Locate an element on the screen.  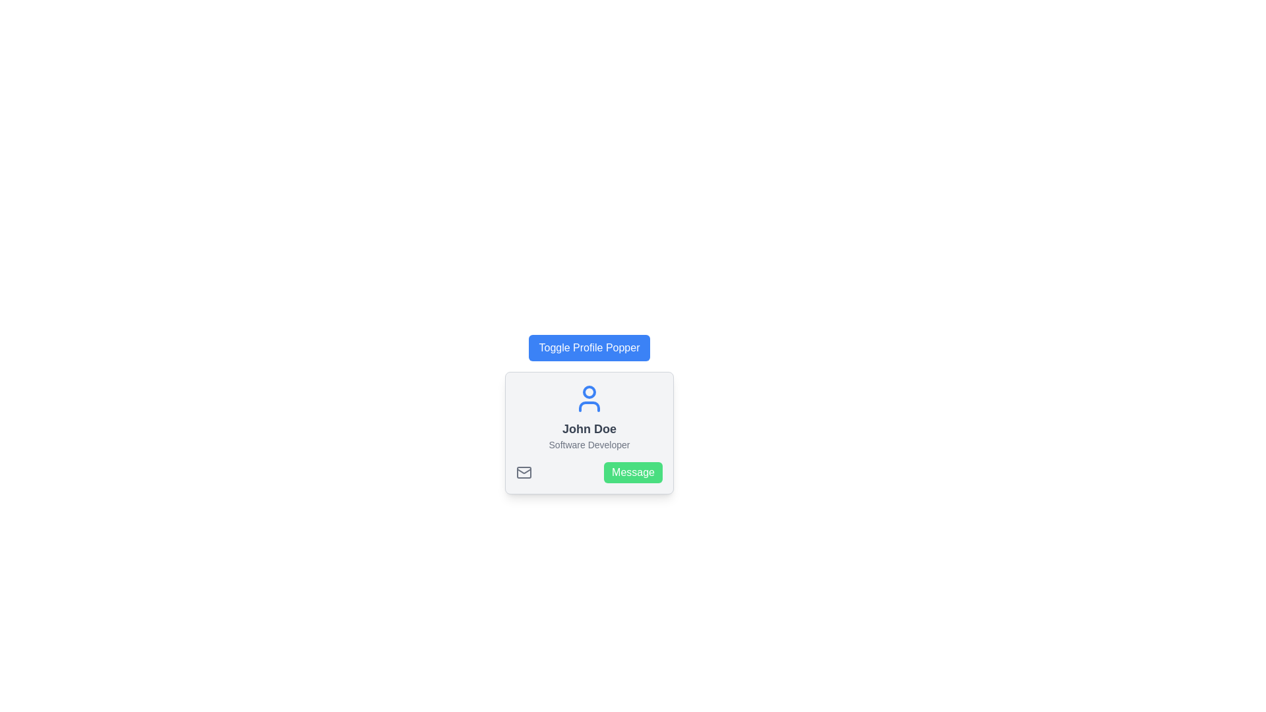
the status indicator of the contact interface located at the bottom of John Doe's profile card to identify its purpose is located at coordinates (588, 472).